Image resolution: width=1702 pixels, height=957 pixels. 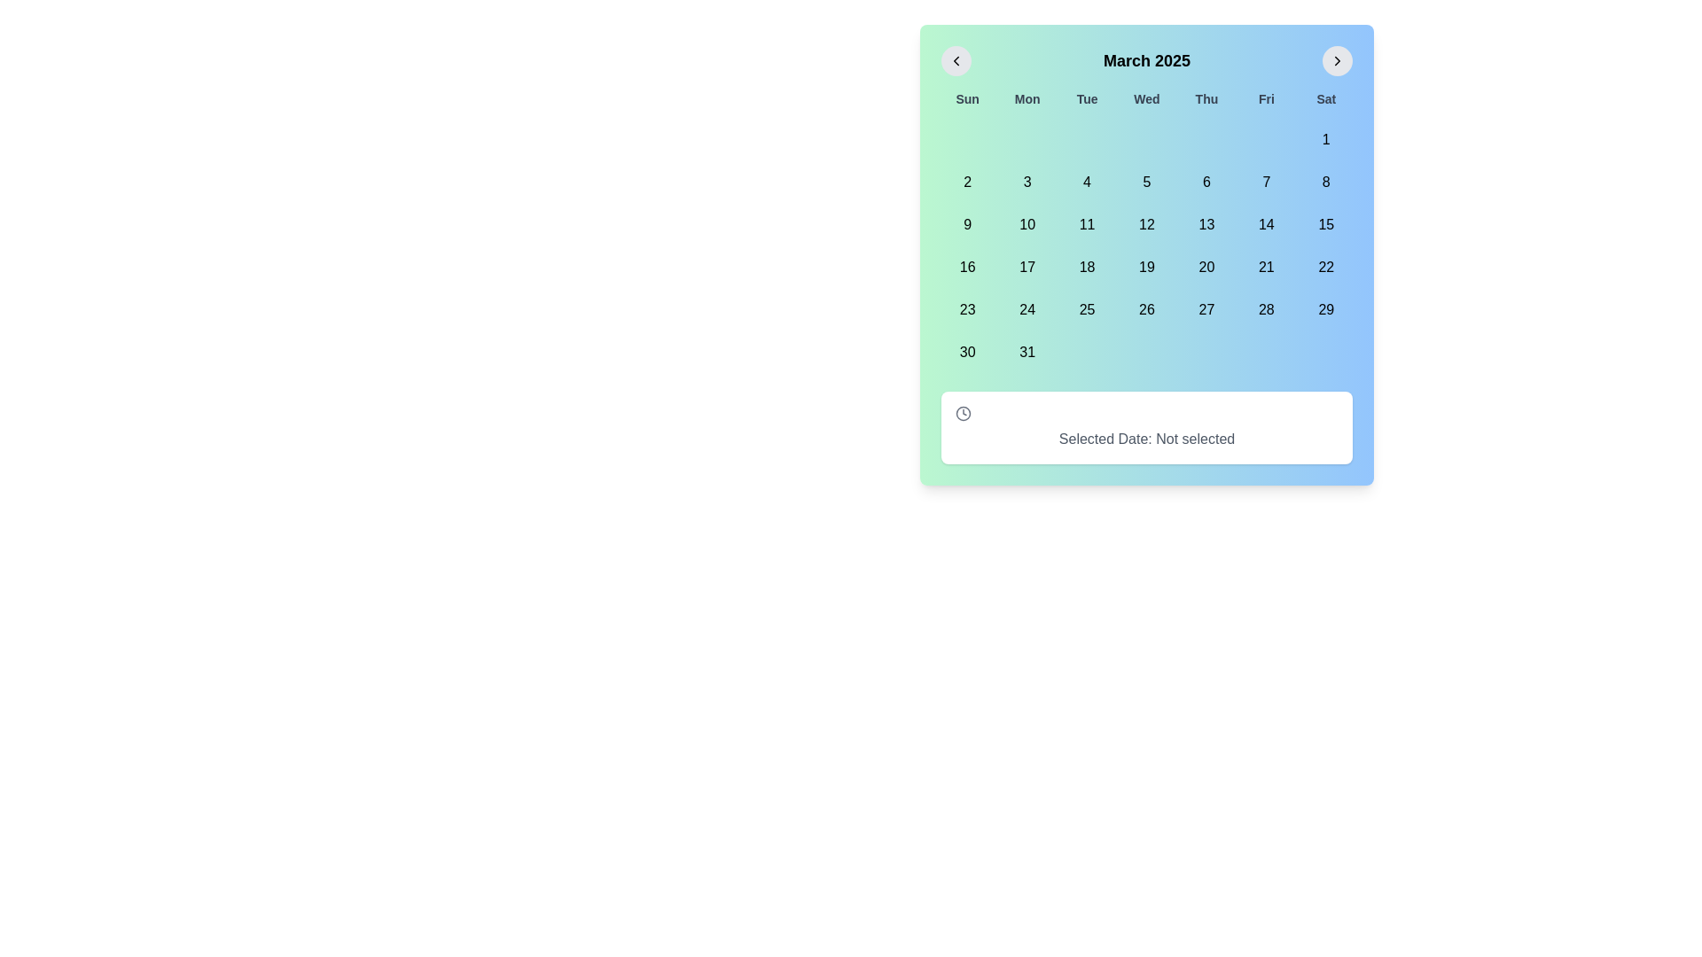 I want to click on the rightward-facing chevron icon button located at the top-right corner of the calendar interface to observe the background change, so click(x=1337, y=60).